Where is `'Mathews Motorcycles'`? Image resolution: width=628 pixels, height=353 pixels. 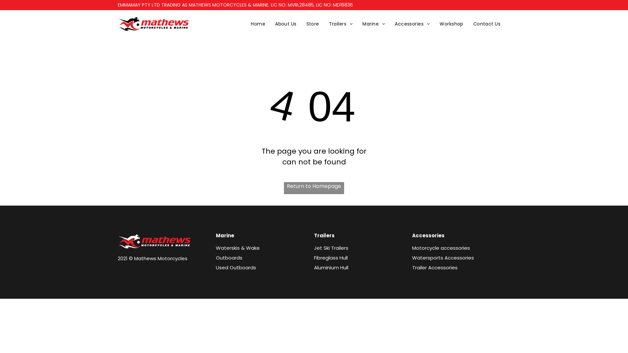
'Mathews Motorcycles' is located at coordinates (153, 24).